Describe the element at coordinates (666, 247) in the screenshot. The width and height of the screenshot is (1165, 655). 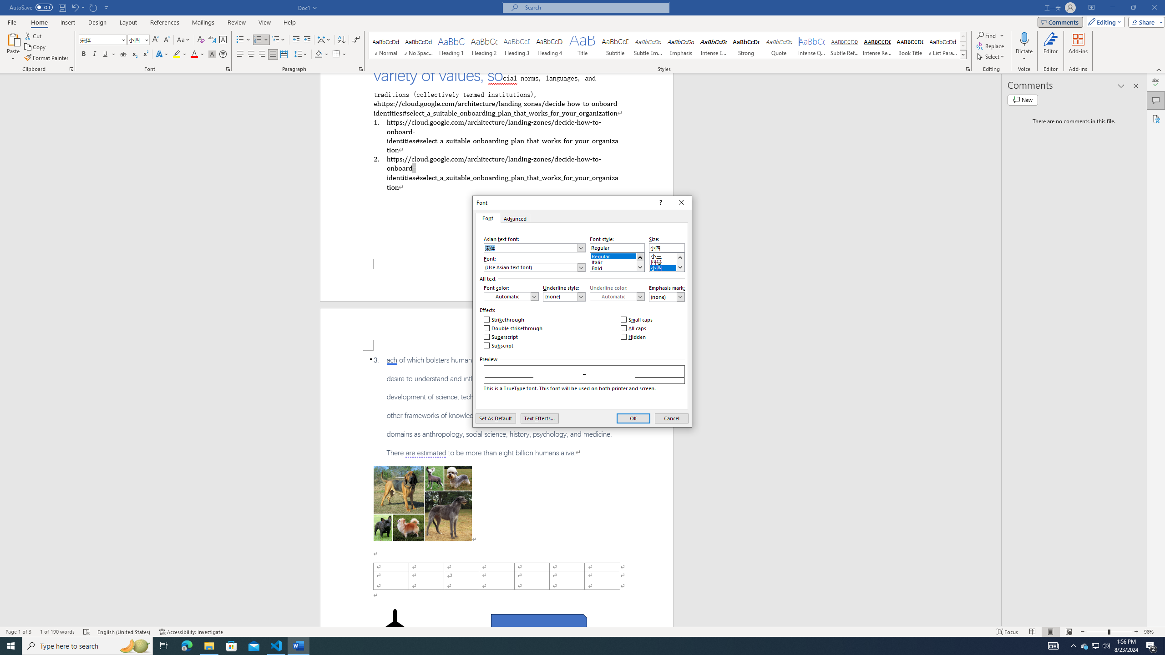
I see `'Size:'` at that location.